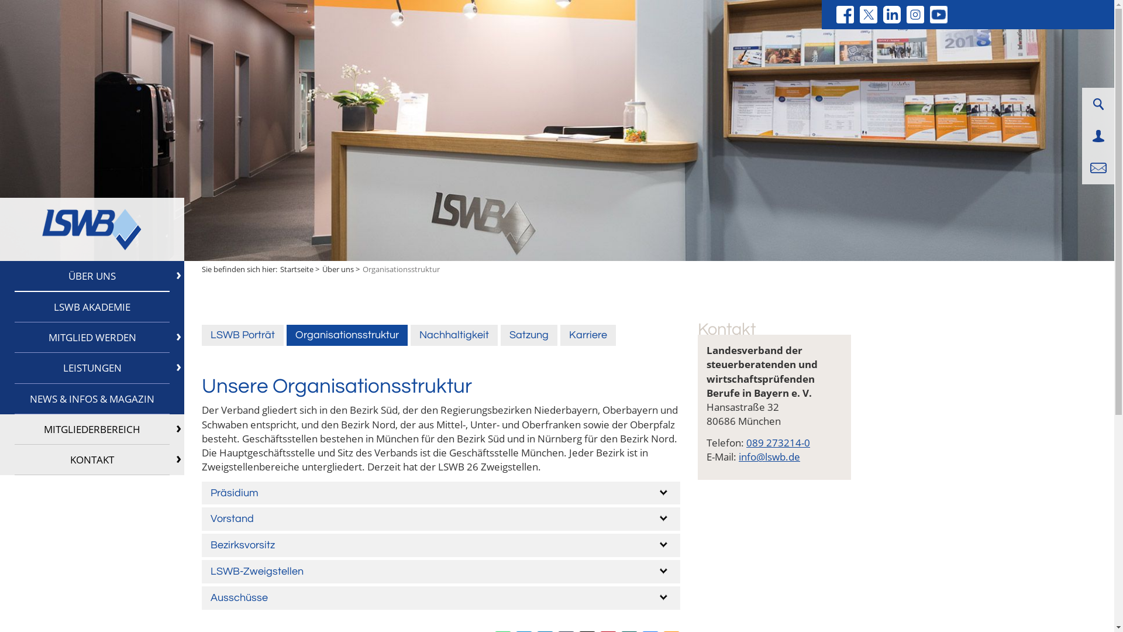 The image size is (1123, 632). Describe the element at coordinates (868, 14) in the screenshot. I see `'LSWB bei Twitter'` at that location.